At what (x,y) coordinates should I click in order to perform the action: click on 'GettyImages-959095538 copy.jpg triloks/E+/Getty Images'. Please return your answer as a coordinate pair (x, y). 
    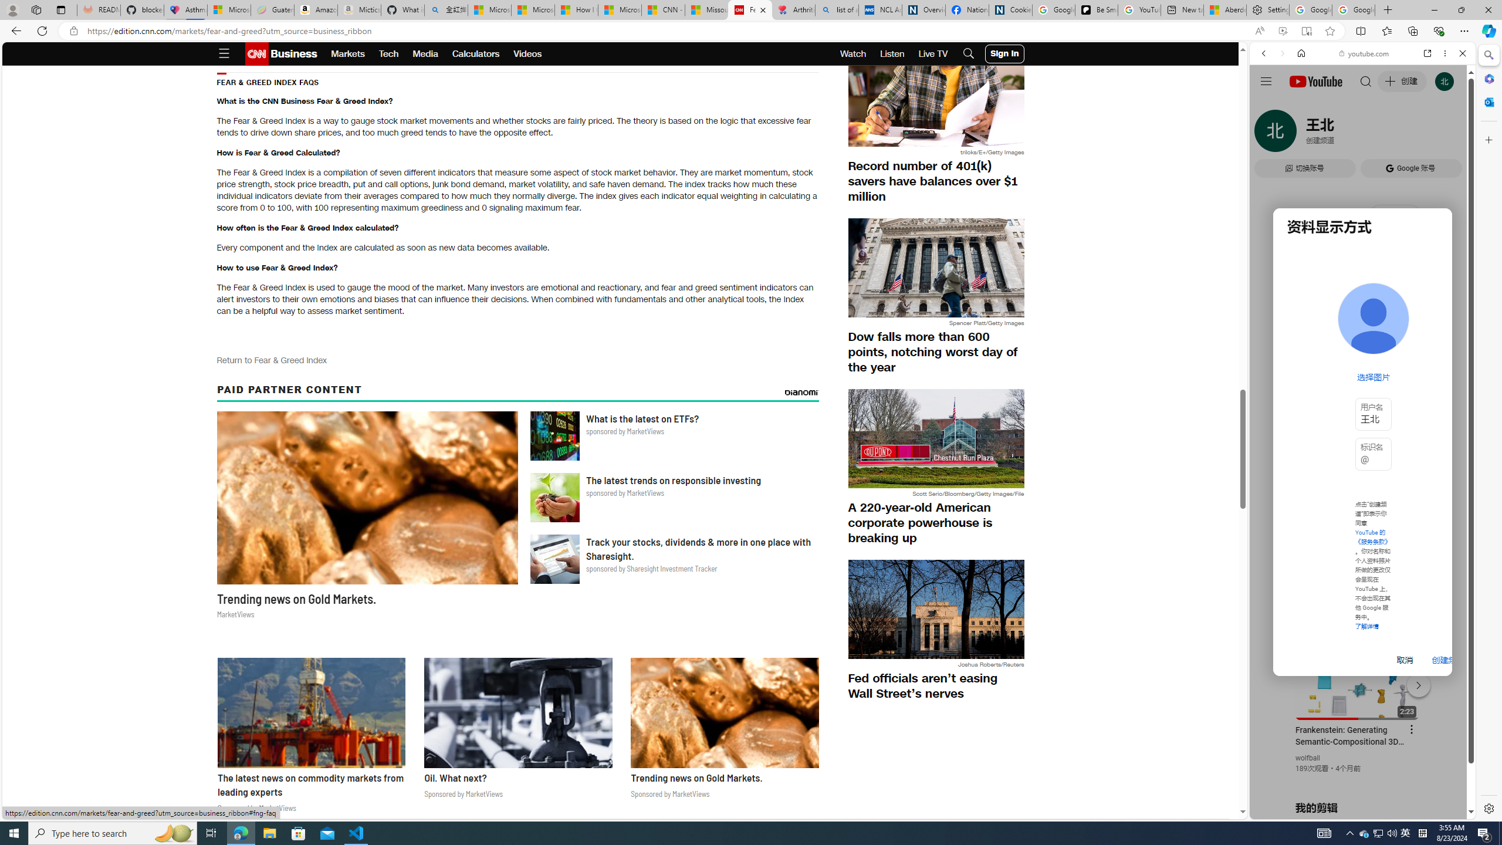
    Looking at the image, I should click on (935, 103).